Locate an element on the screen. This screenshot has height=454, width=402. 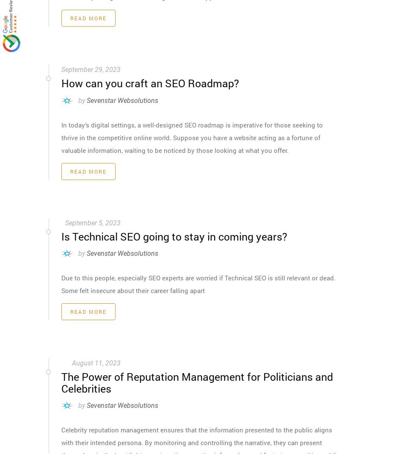
'September 5, 2023' is located at coordinates (93, 222).